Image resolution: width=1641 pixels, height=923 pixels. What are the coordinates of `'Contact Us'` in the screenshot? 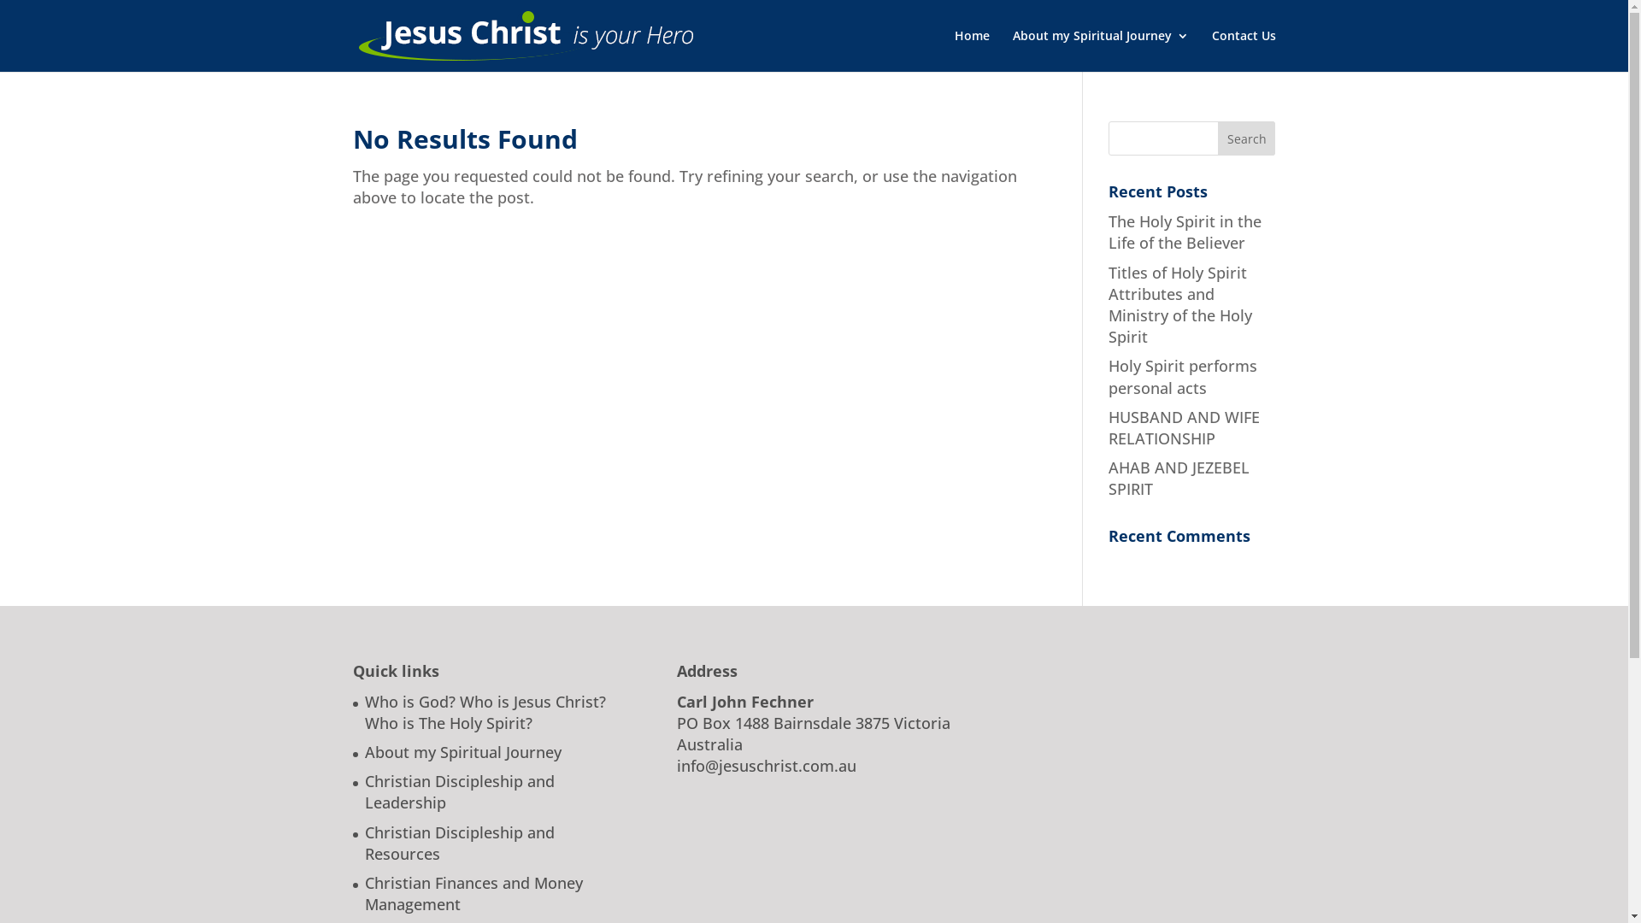 It's located at (1244, 50).